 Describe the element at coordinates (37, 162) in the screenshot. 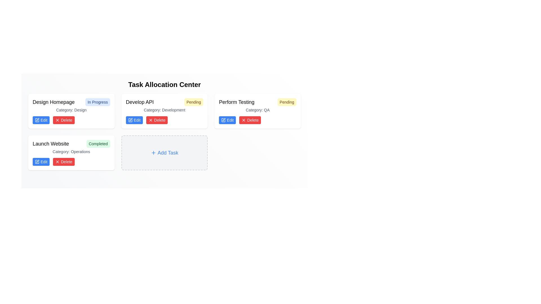

I see `the edit icon located inside the 'Edit' button below the 'Launch Website' task card in the bottom-left corner of the interface` at that location.